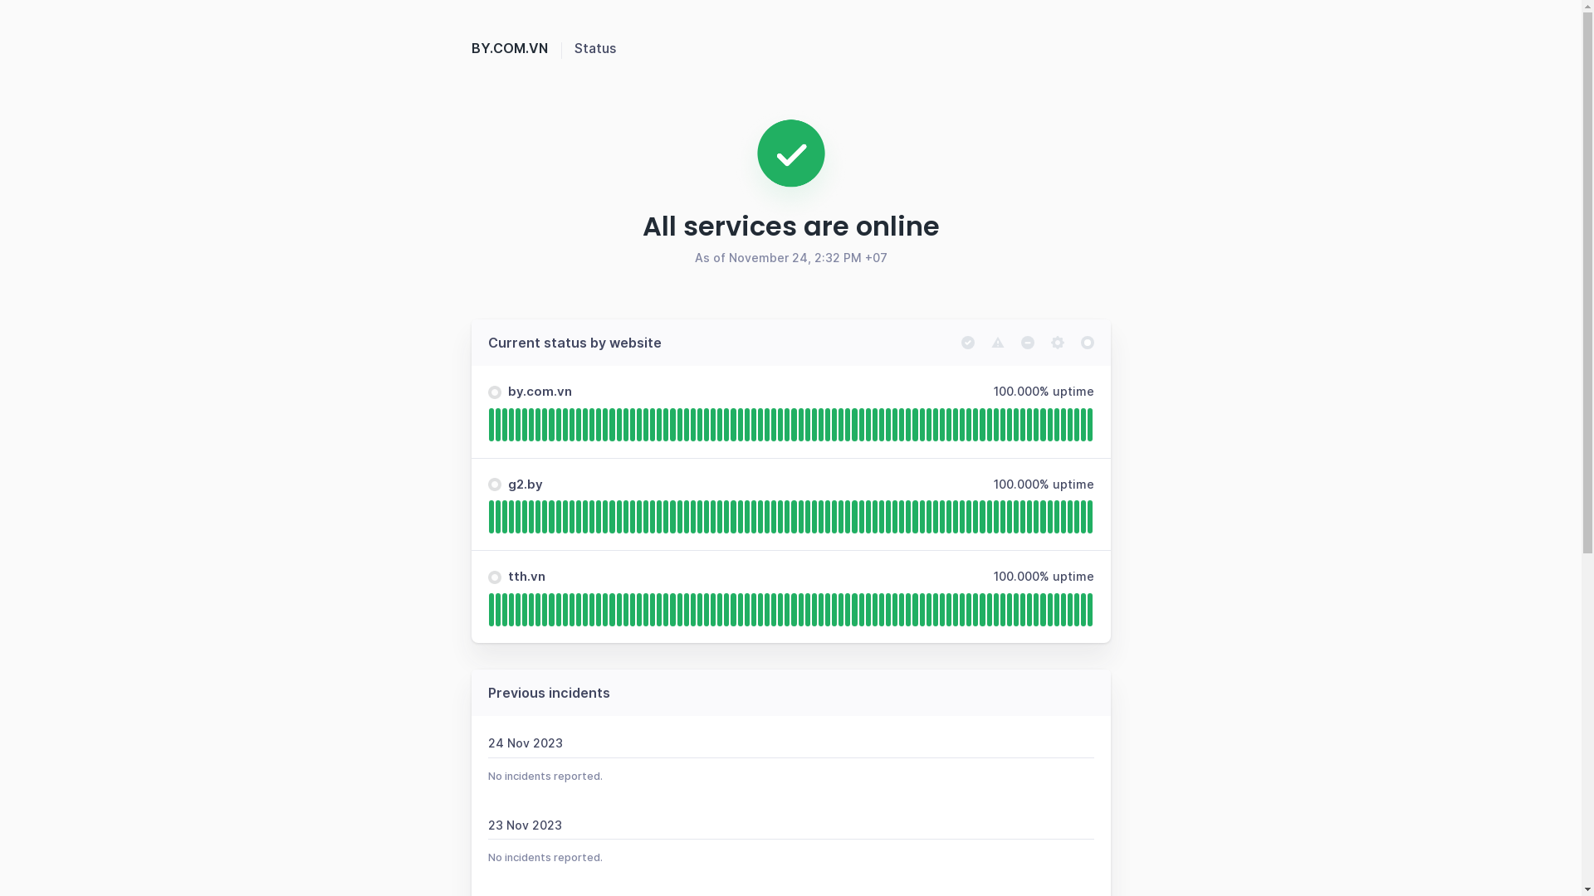 This screenshot has width=1594, height=896. What do you see at coordinates (521, 46) in the screenshot?
I see `'BY.COM.VN'` at bounding box center [521, 46].